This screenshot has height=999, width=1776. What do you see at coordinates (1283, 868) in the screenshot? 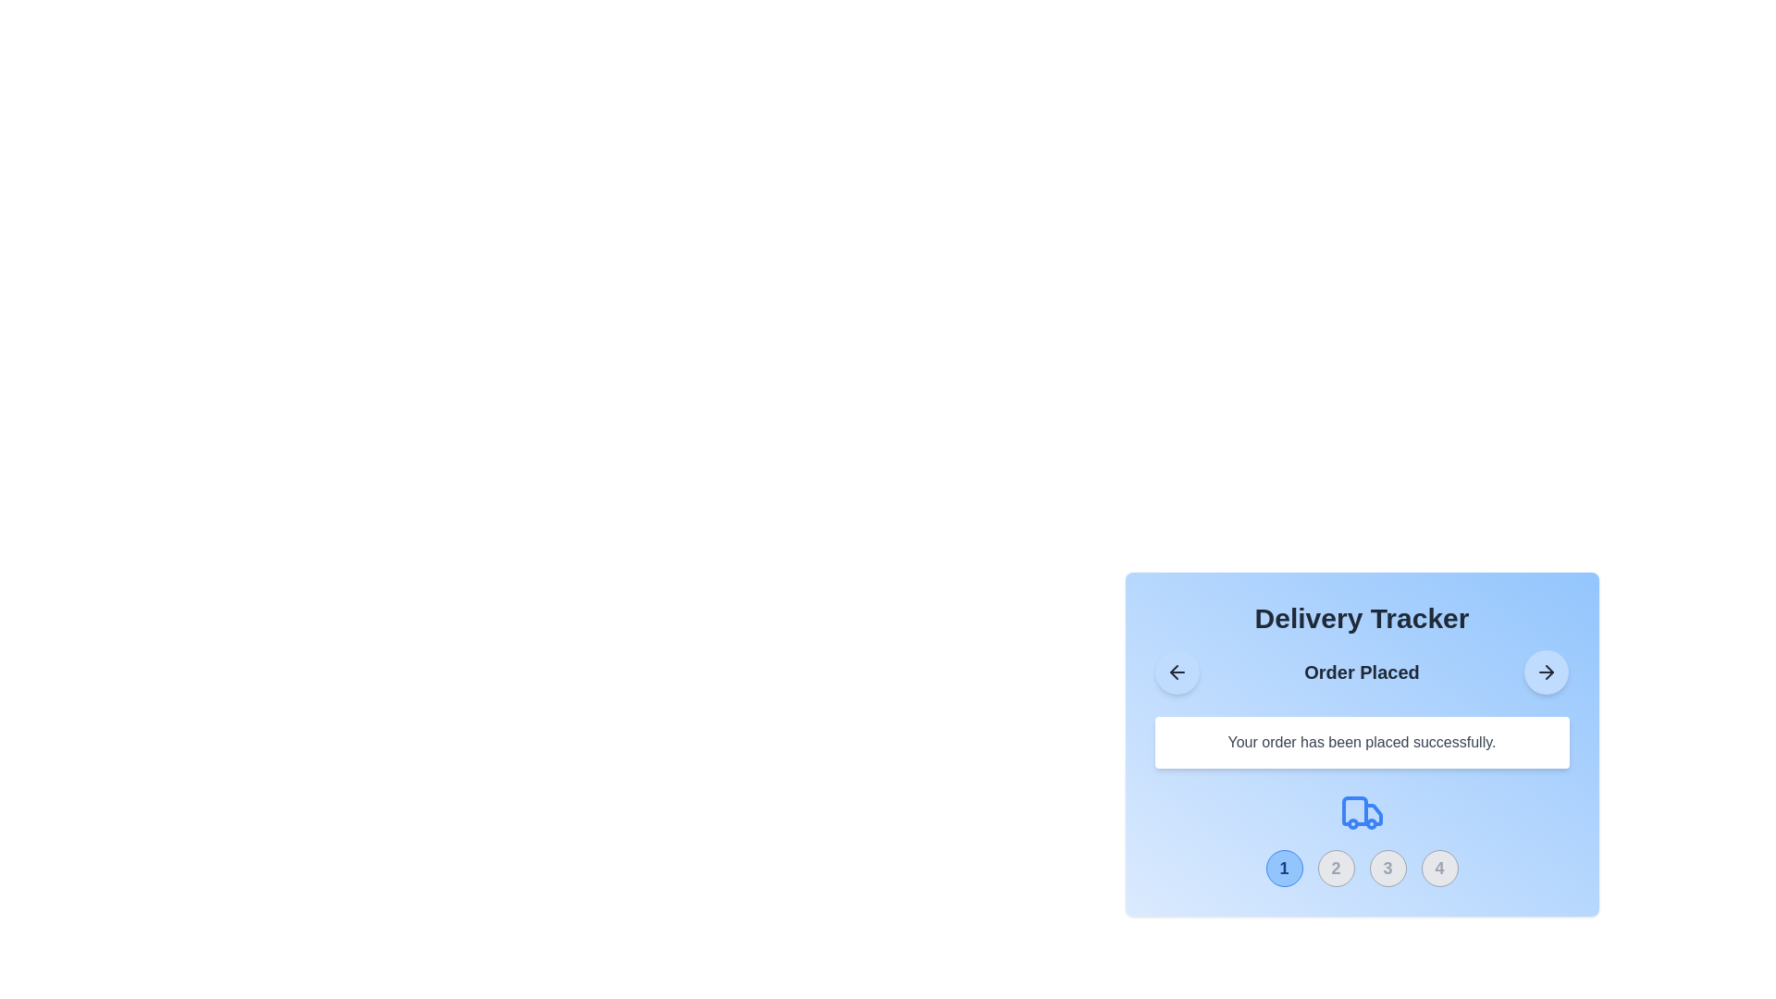
I see `the first circular button in a sequential group of four buttons located at the bottom center of the interface` at bounding box center [1283, 868].